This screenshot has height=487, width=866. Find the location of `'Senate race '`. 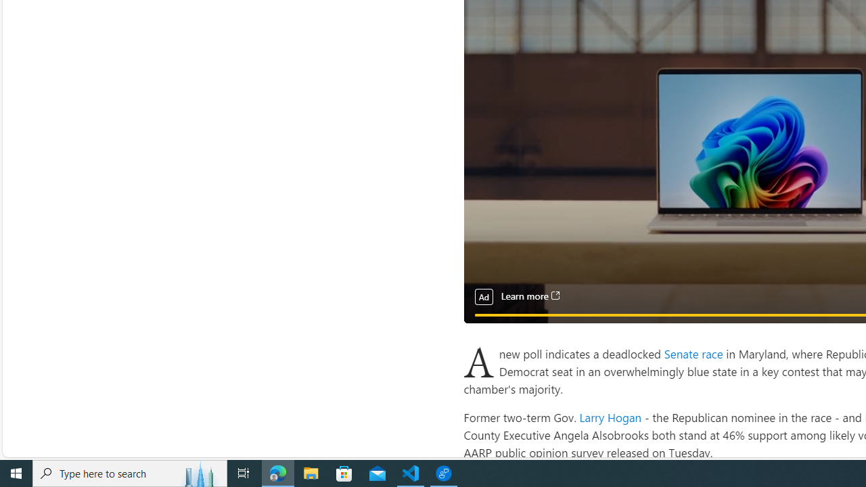

'Senate race ' is located at coordinates (695, 352).